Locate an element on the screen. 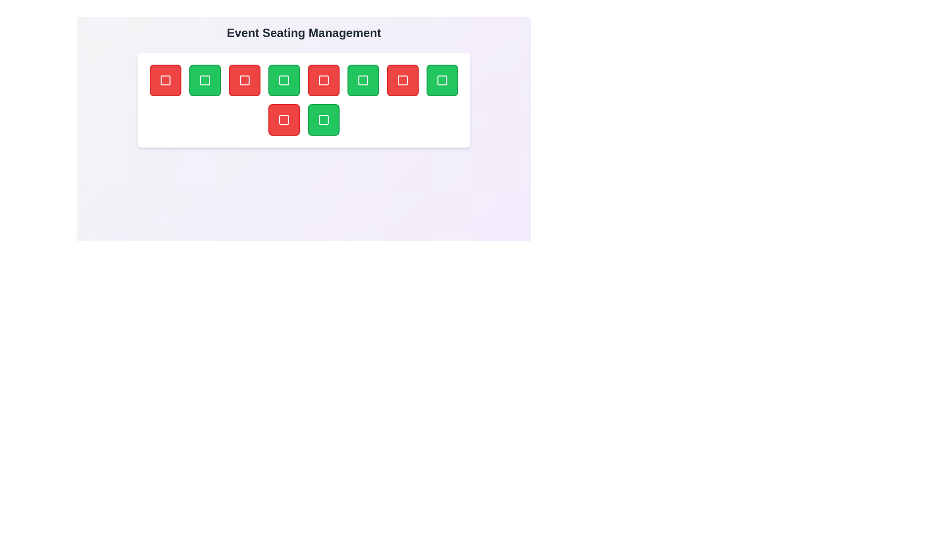 This screenshot has height=533, width=949. the selectable button labeled 'Seat 4', which is a green square with rounded corners and a white bordered square symbol in the center is located at coordinates (284, 79).